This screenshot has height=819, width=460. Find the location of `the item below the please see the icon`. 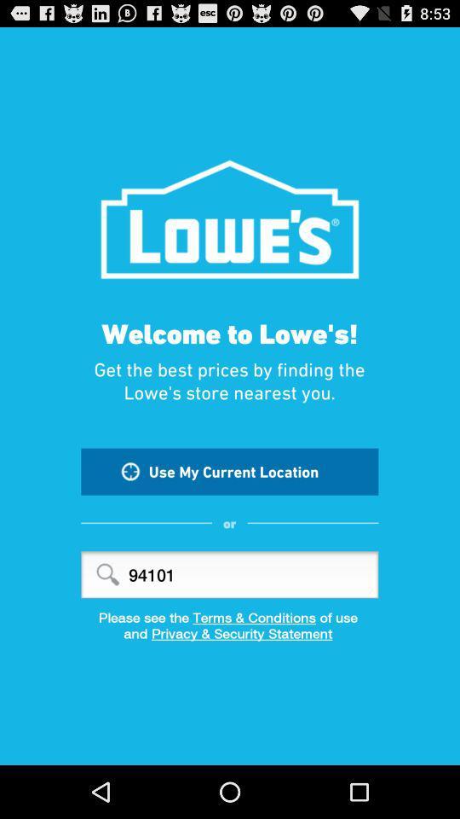

the item below the please see the icon is located at coordinates (230, 638).